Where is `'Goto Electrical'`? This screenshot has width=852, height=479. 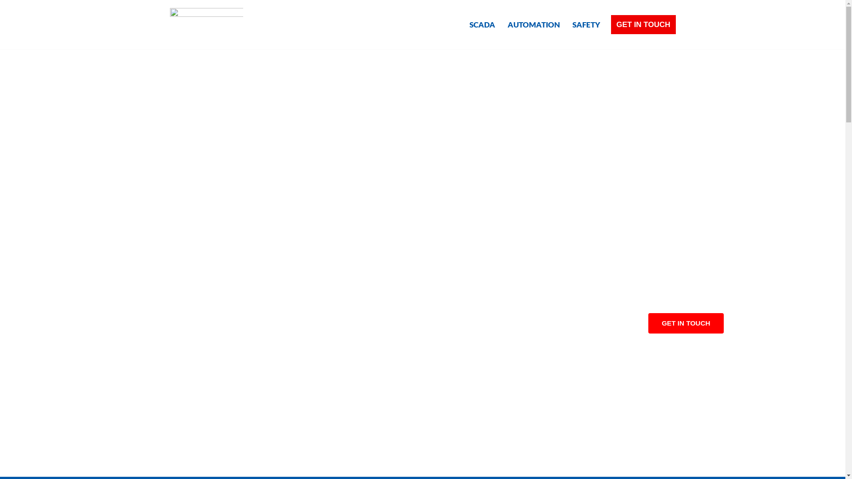 'Goto Electrical' is located at coordinates (205, 24).